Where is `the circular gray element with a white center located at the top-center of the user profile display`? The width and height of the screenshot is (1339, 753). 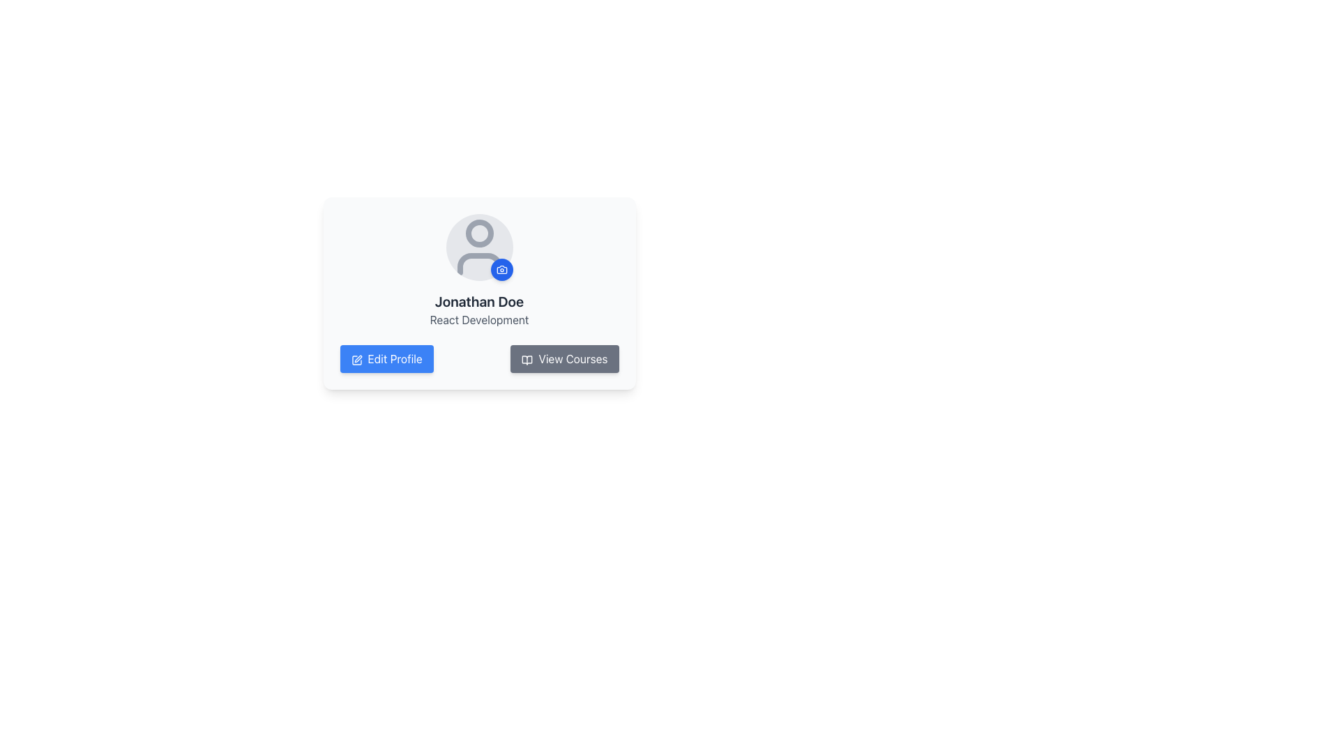
the circular gray element with a white center located at the top-center of the user profile display is located at coordinates (479, 233).